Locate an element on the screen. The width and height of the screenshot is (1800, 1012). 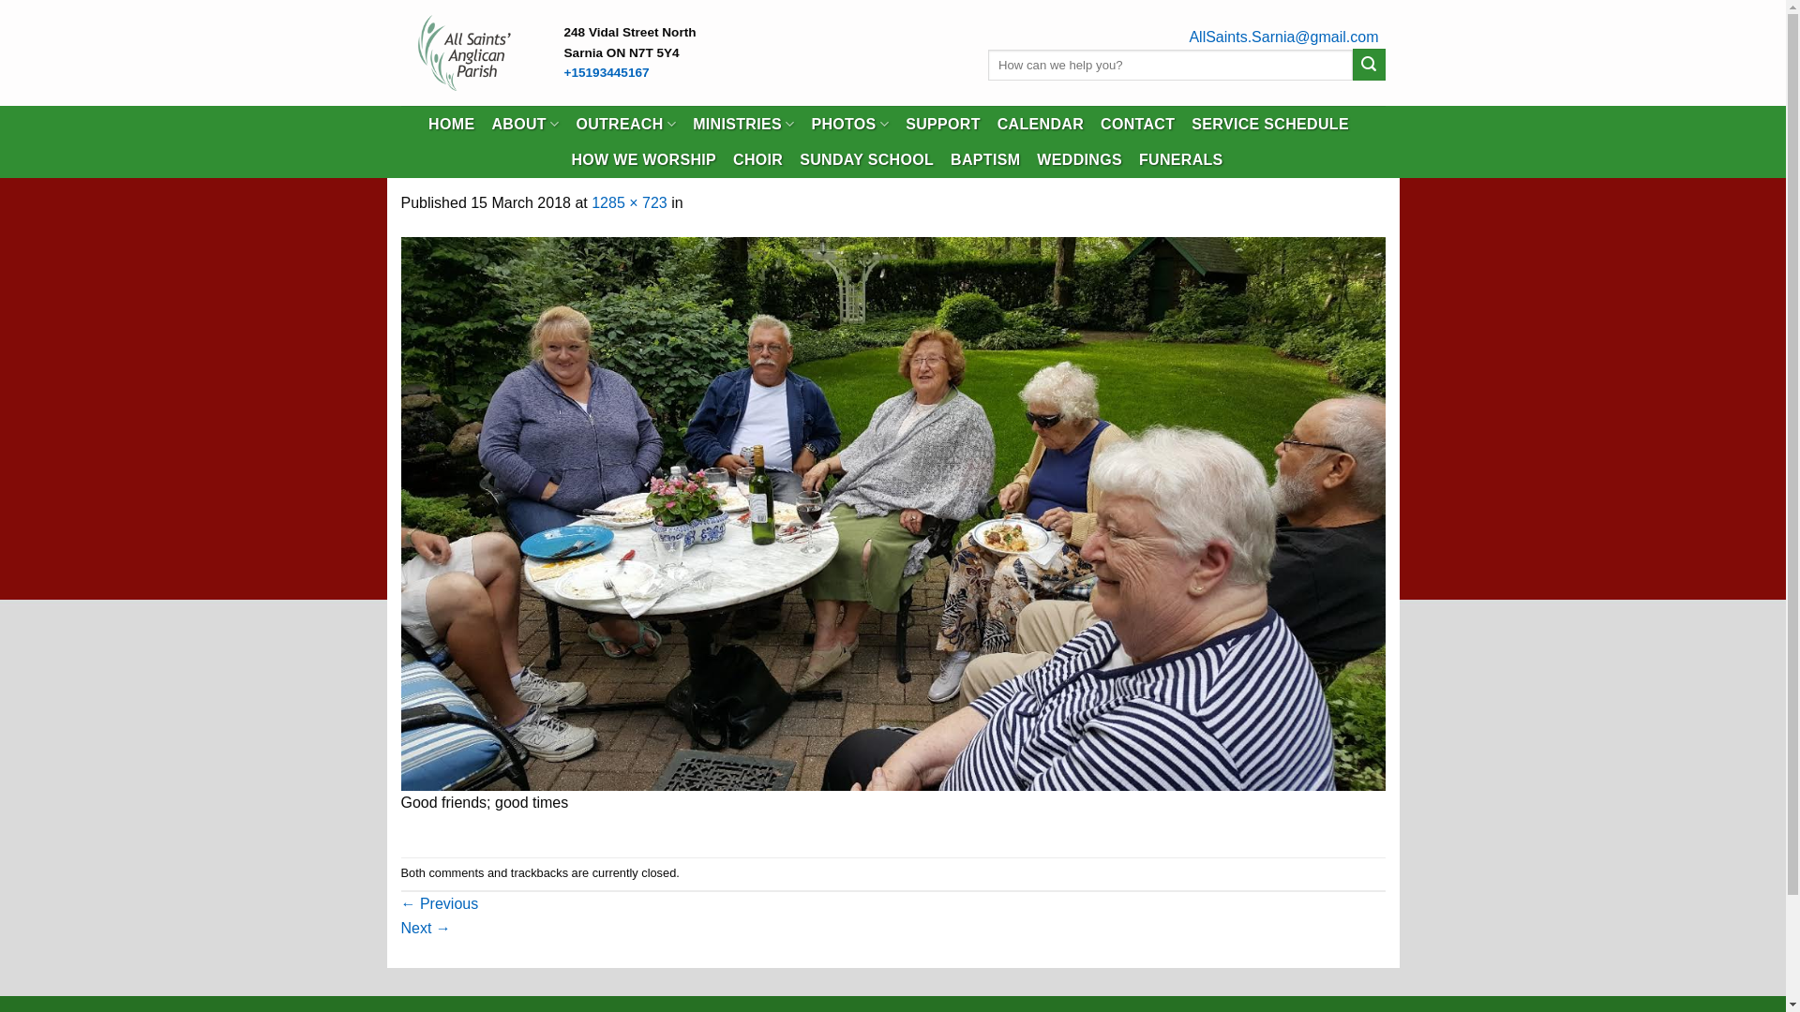
'PHOTOS' is located at coordinates (848, 124).